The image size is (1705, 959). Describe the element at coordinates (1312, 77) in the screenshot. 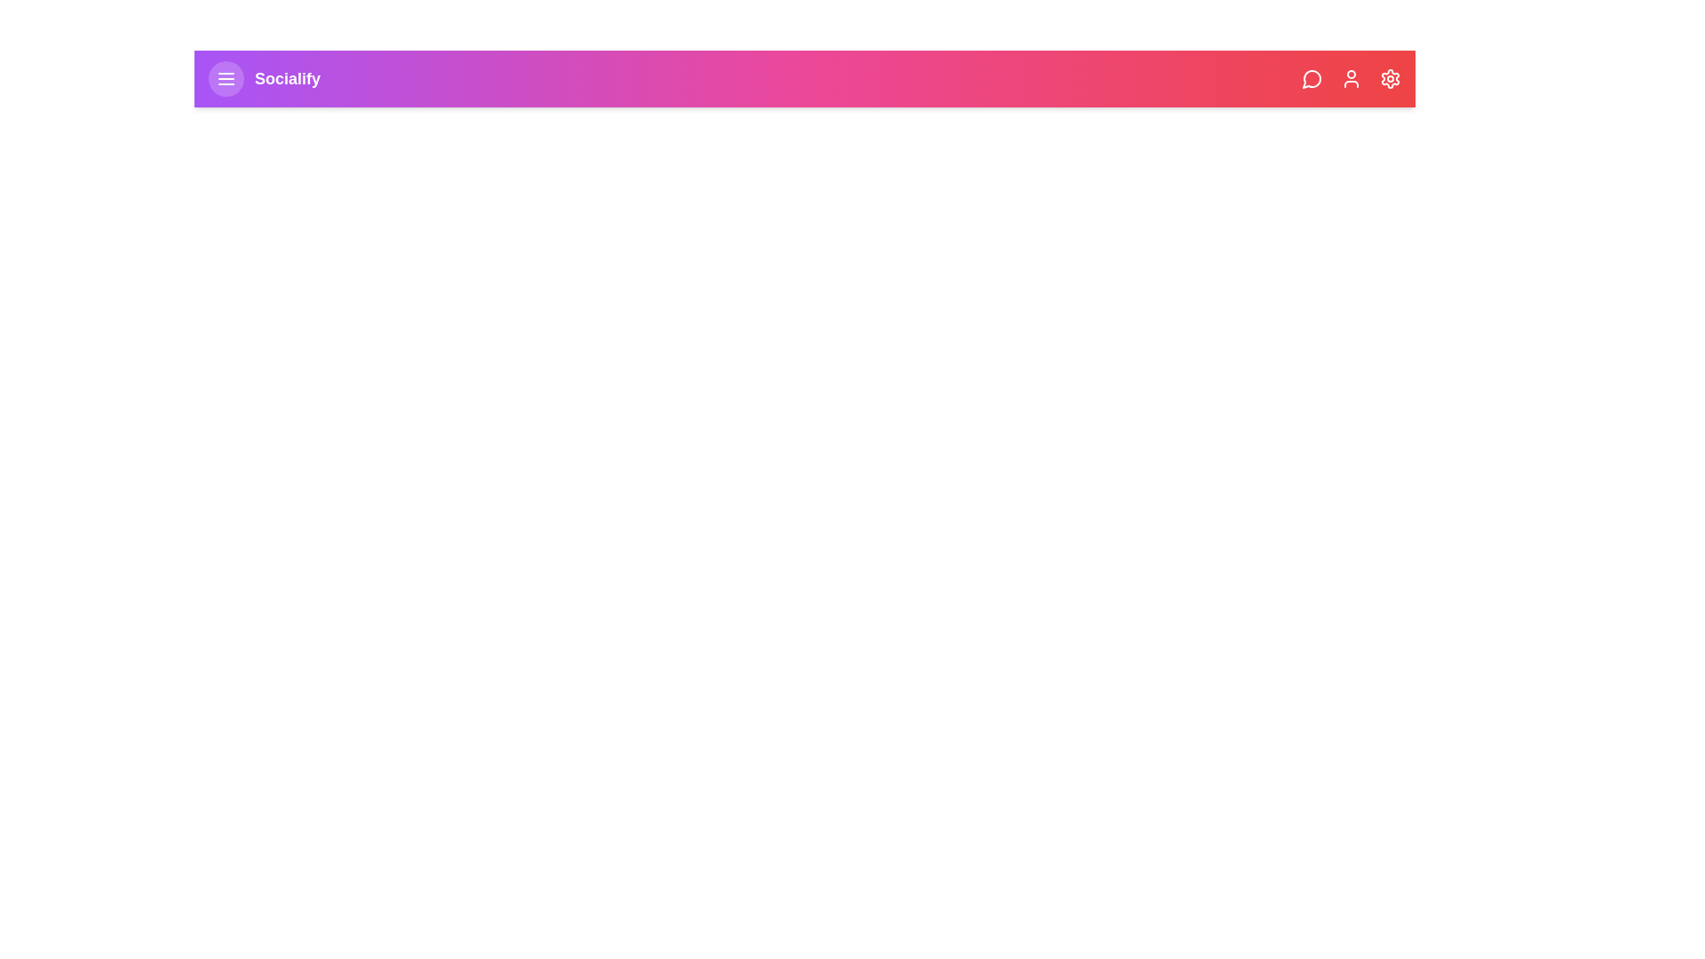

I see `messaging icon in the app bar` at that location.